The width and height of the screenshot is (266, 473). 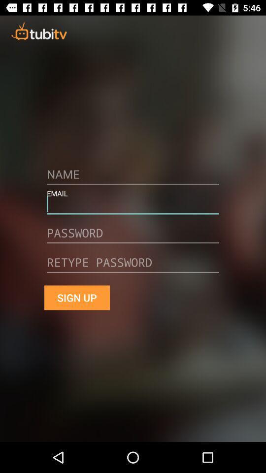 I want to click on password type option, so click(x=133, y=266).